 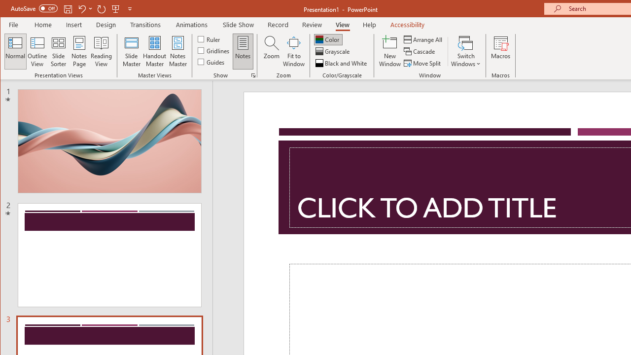 I want to click on 'Fit to Window', so click(x=293, y=51).